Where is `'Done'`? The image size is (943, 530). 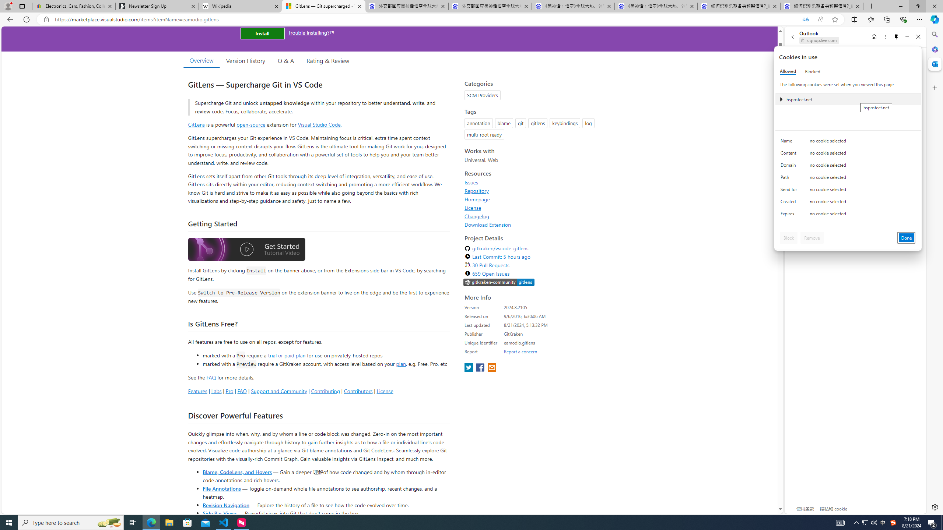 'Done' is located at coordinates (907, 238).